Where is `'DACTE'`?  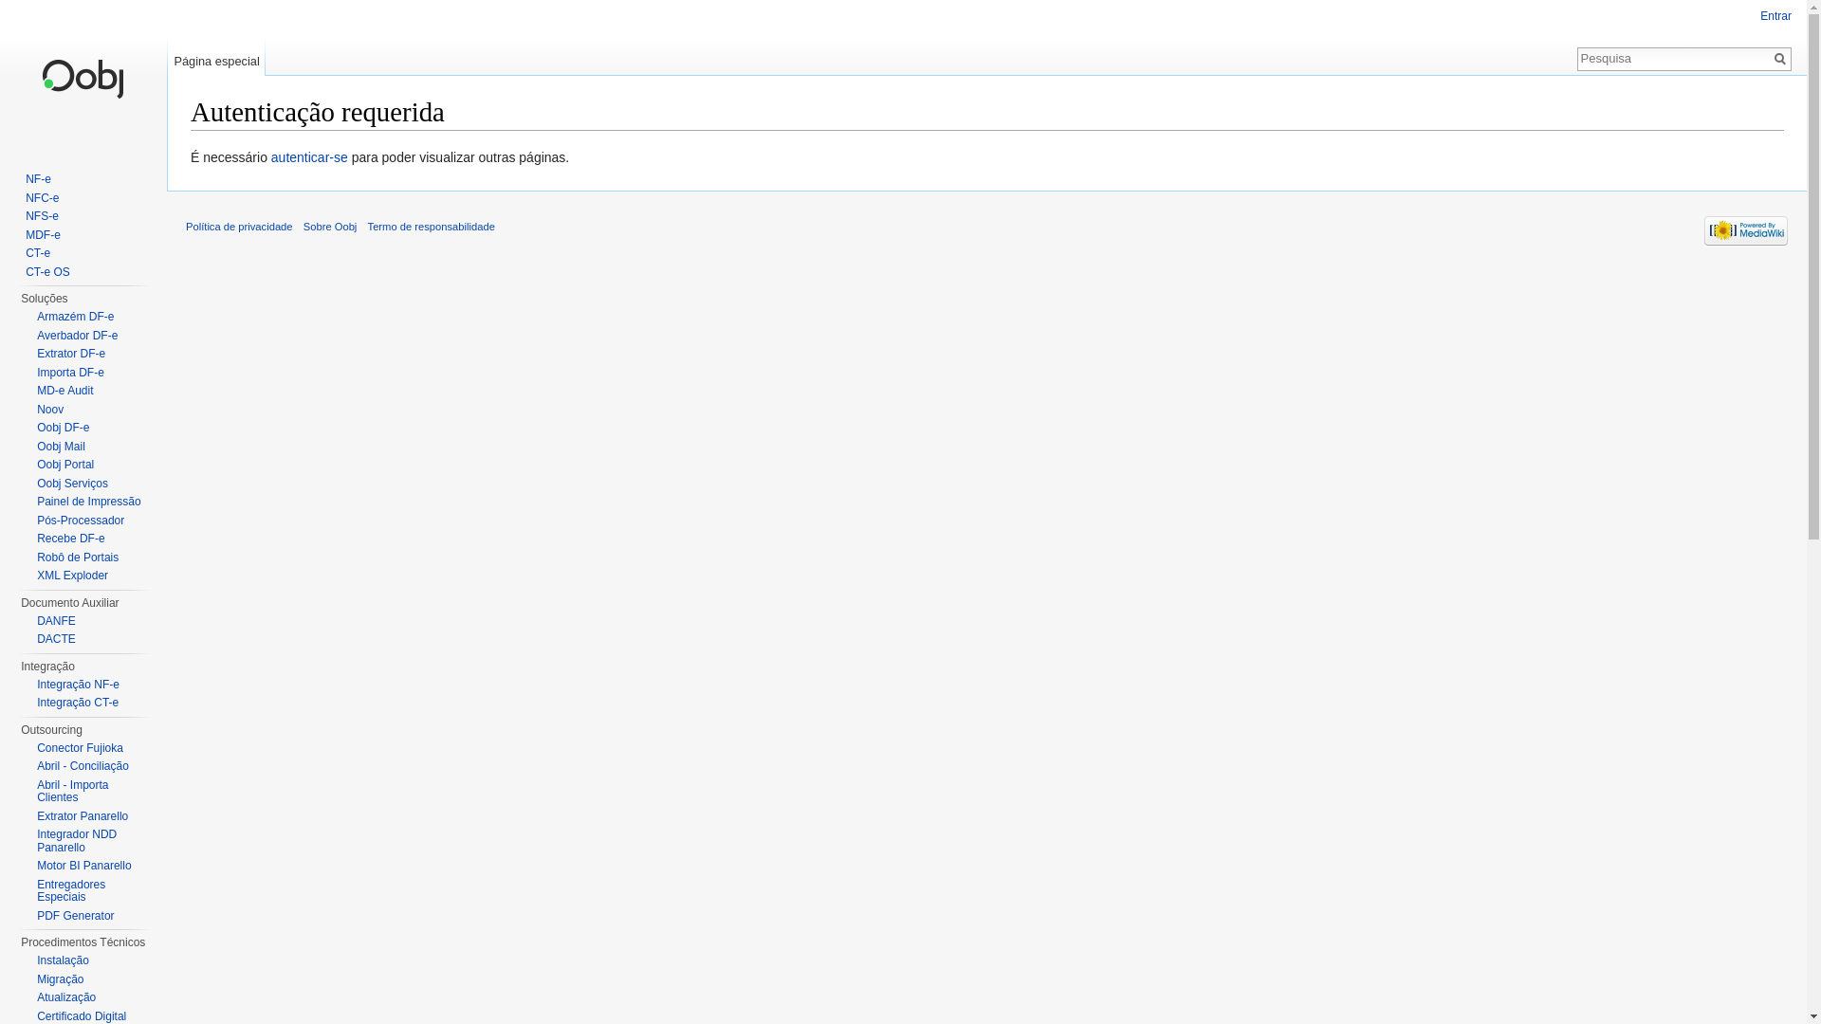
'DACTE' is located at coordinates (56, 639).